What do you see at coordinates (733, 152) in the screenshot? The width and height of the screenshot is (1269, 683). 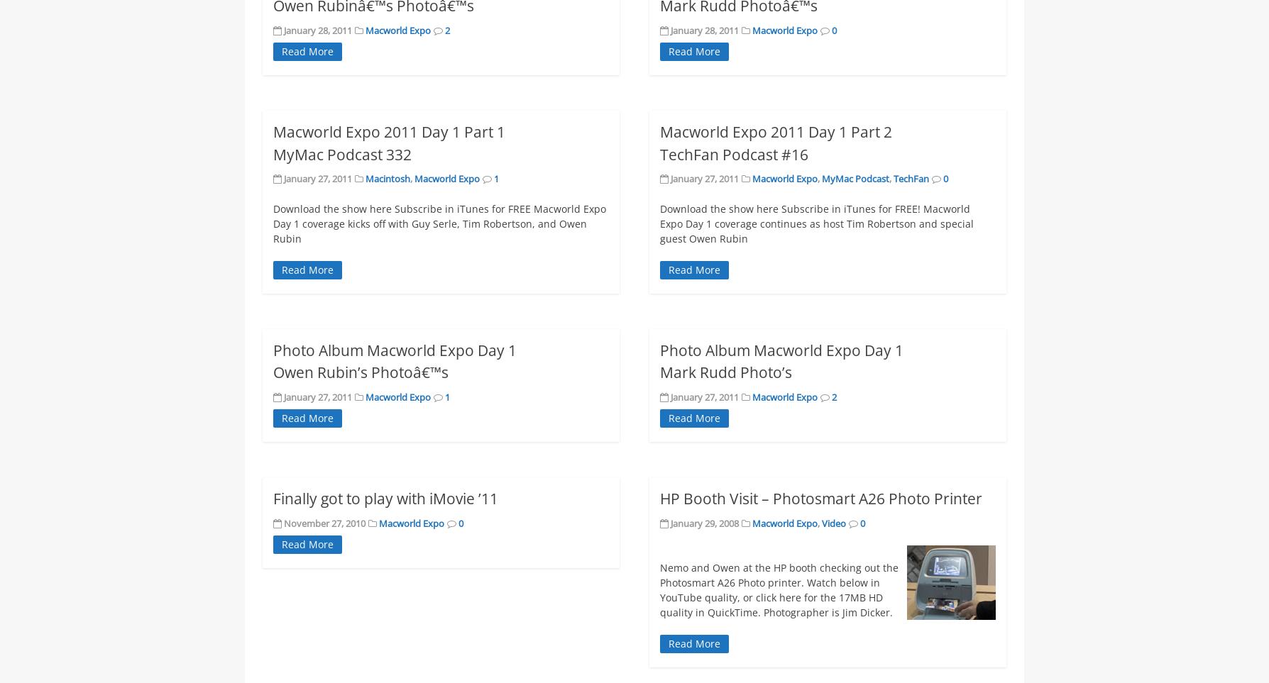 I see `'TechFan Podcast #16'` at bounding box center [733, 152].